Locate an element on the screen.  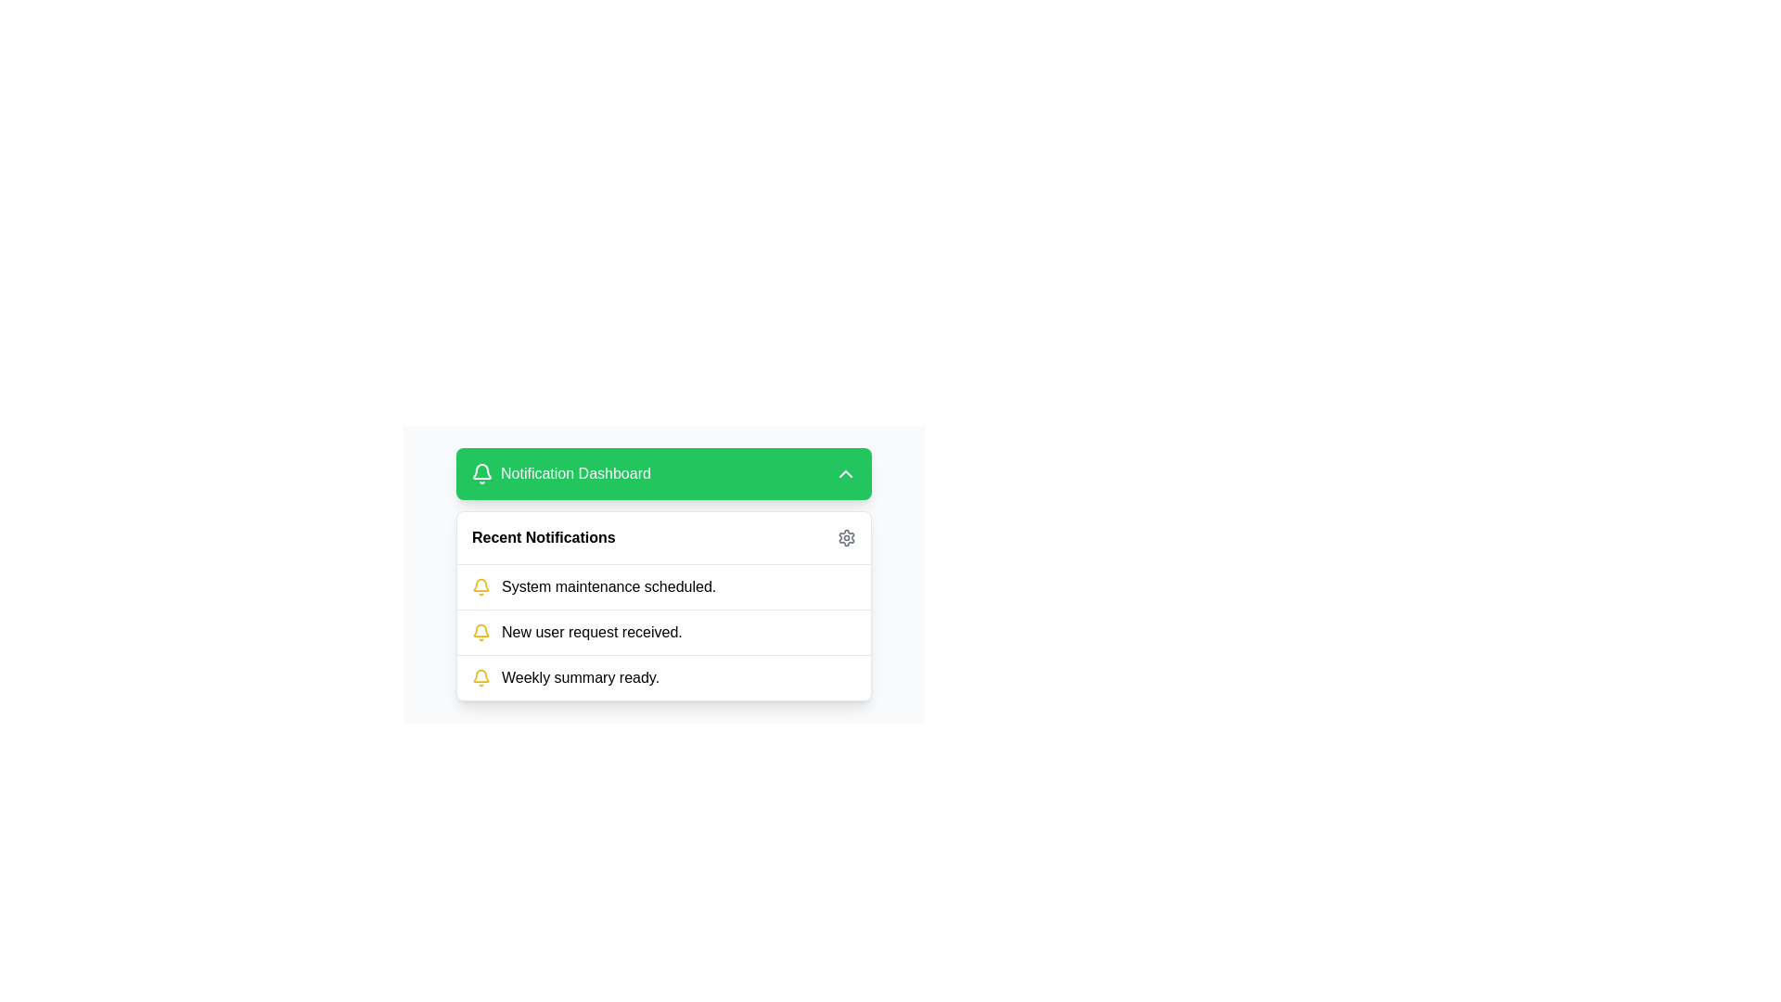
the cogwheel icon, which symbolizes settings is located at coordinates (845, 537).